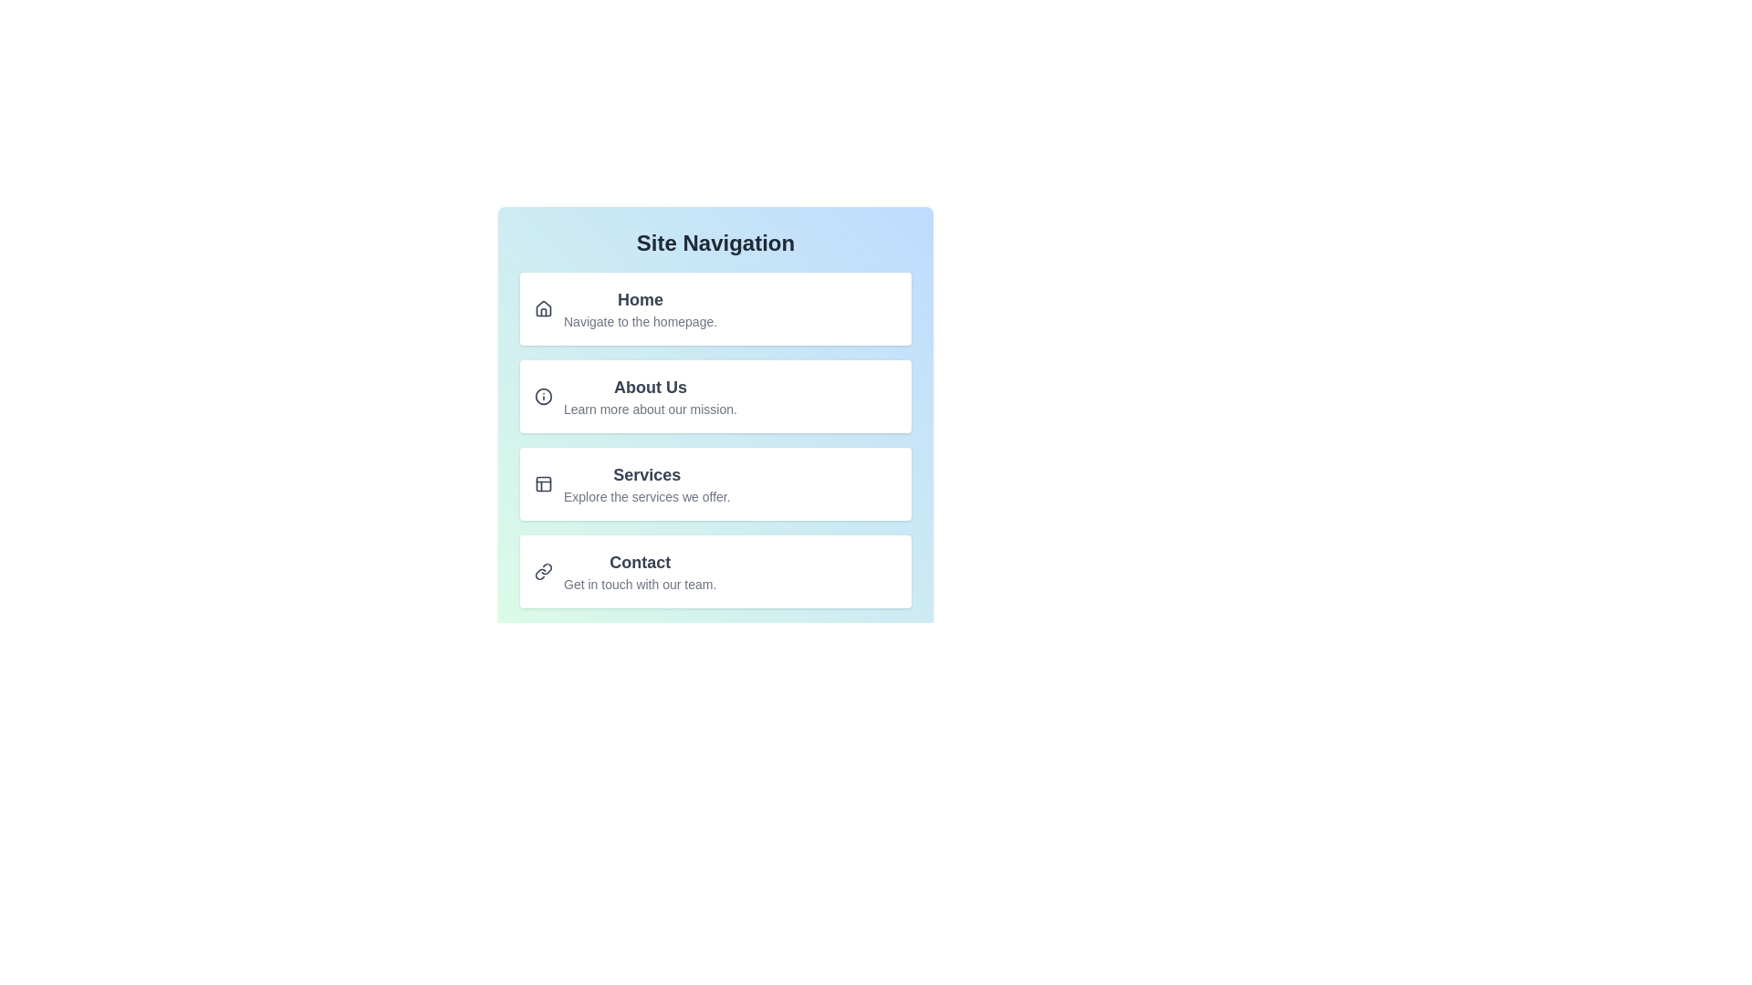 The image size is (1752, 985). Describe the element at coordinates (640, 571) in the screenshot. I see `the 'Contact' navigational link in the Site Navigation menu` at that location.